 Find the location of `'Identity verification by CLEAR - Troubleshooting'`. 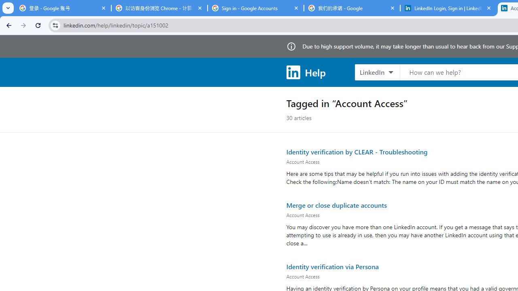

'Identity verification by CLEAR - Troubleshooting' is located at coordinates (356, 152).